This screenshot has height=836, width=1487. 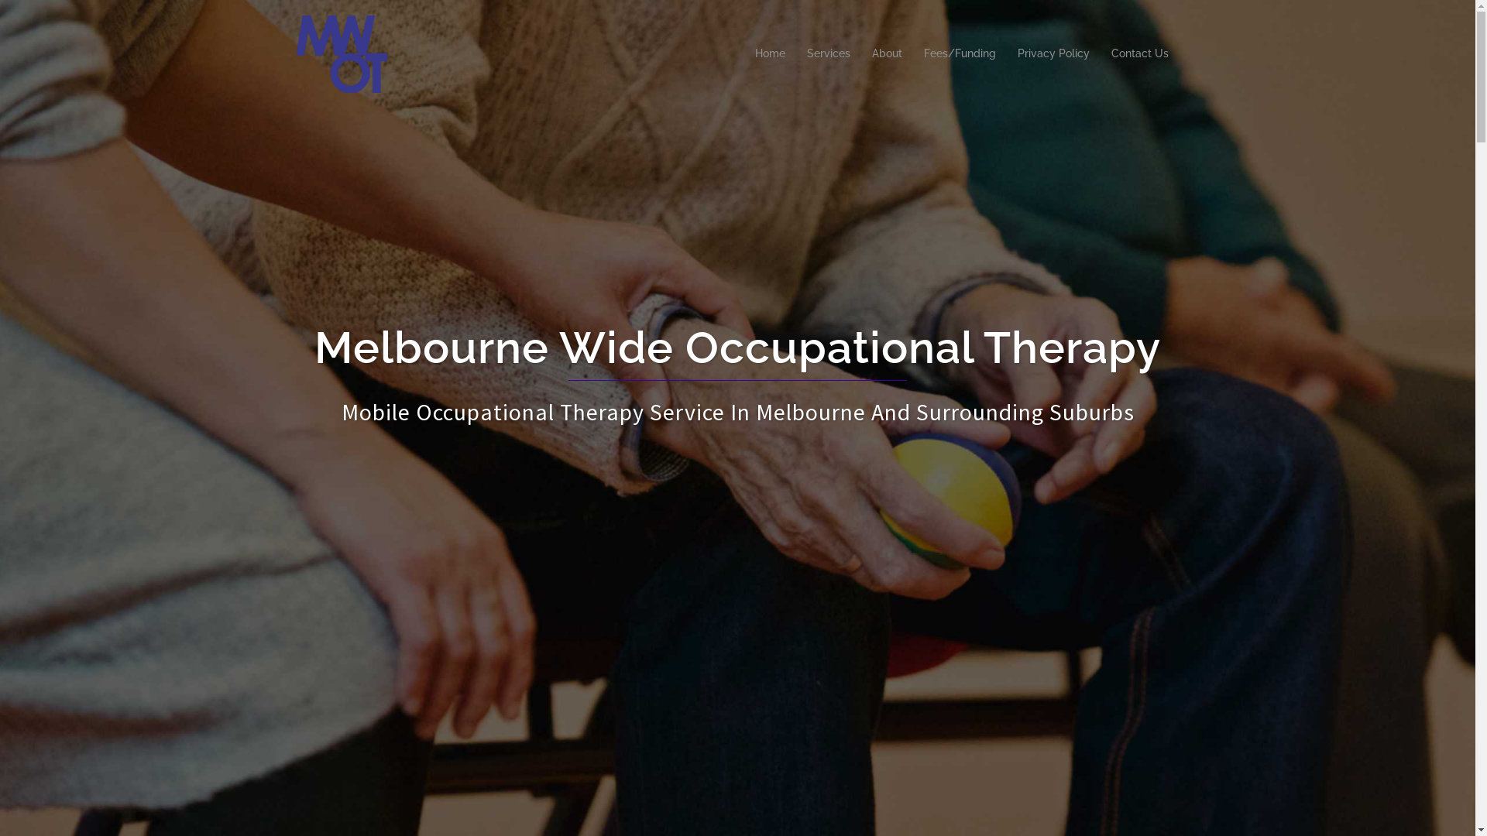 What do you see at coordinates (1138, 53) in the screenshot?
I see `'Contact Us'` at bounding box center [1138, 53].